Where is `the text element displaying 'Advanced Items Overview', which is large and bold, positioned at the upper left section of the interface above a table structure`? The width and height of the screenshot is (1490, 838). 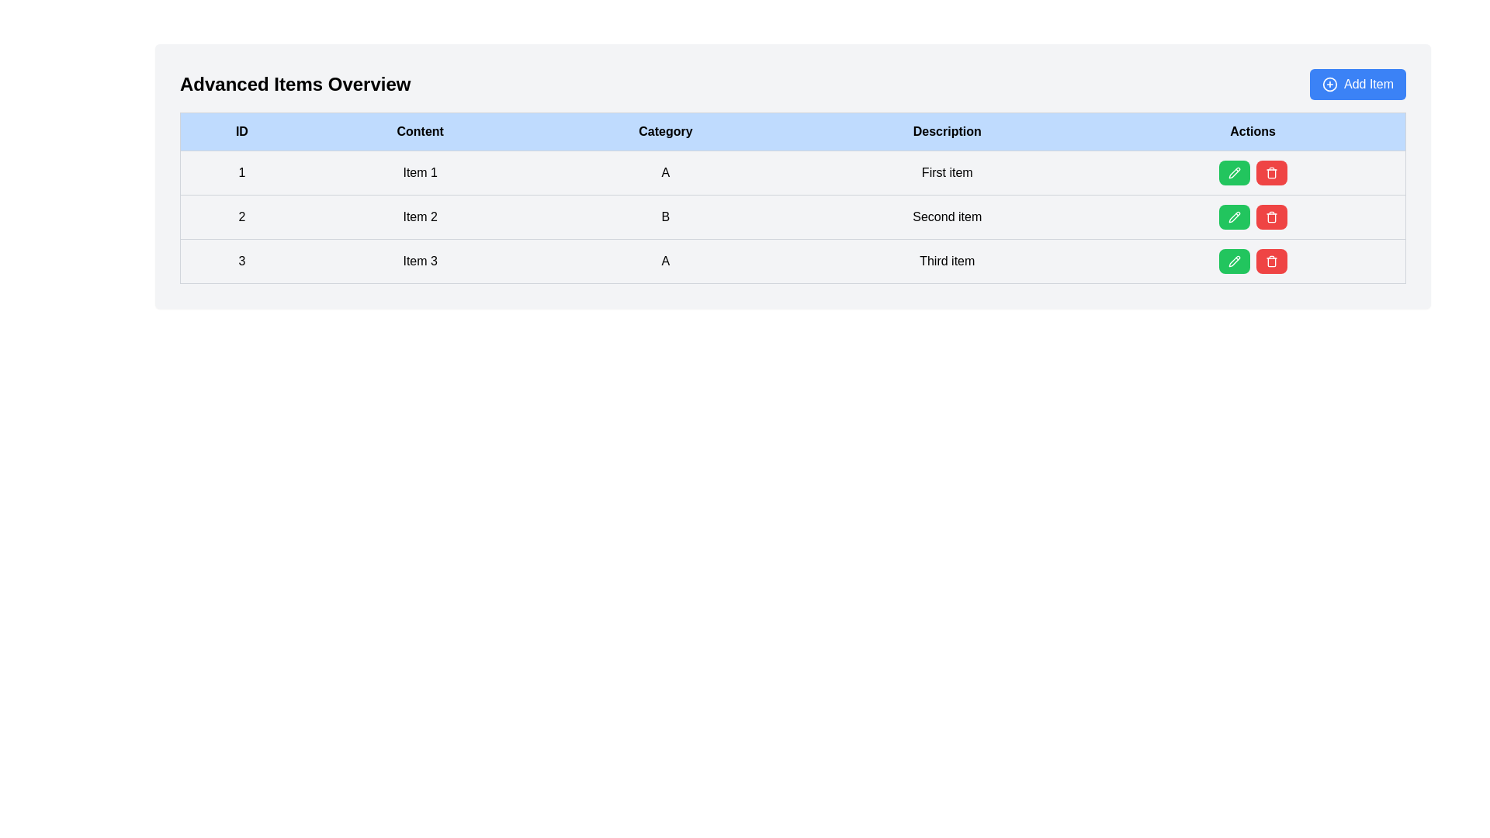
the text element displaying 'Advanced Items Overview', which is large and bold, positioned at the upper left section of the interface above a table structure is located at coordinates (295, 84).